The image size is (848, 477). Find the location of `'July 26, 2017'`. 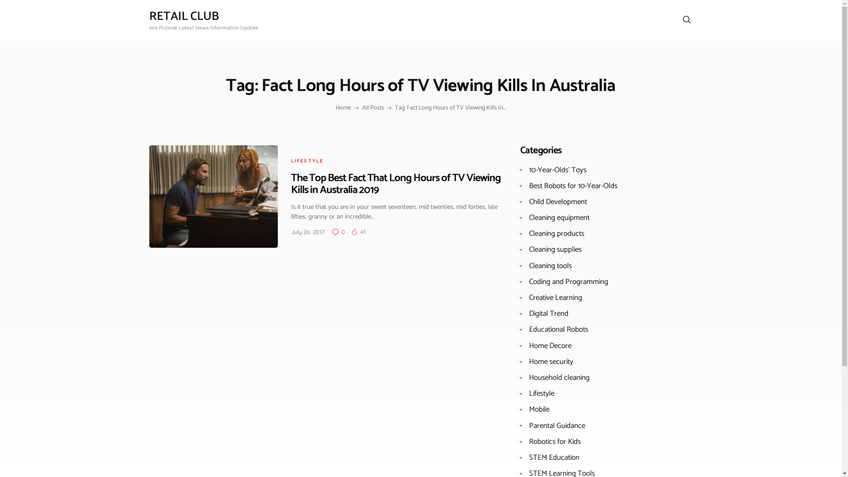

'July 26, 2017' is located at coordinates (307, 231).